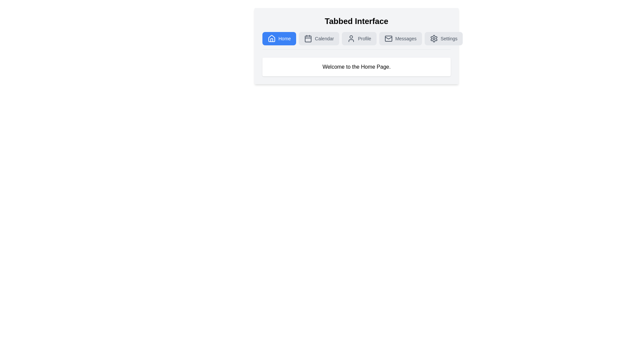 The width and height of the screenshot is (641, 360). I want to click on 'Messages' label, which is the fourth button in a row of navigation icons, located near the top center of the interface, so click(405, 38).